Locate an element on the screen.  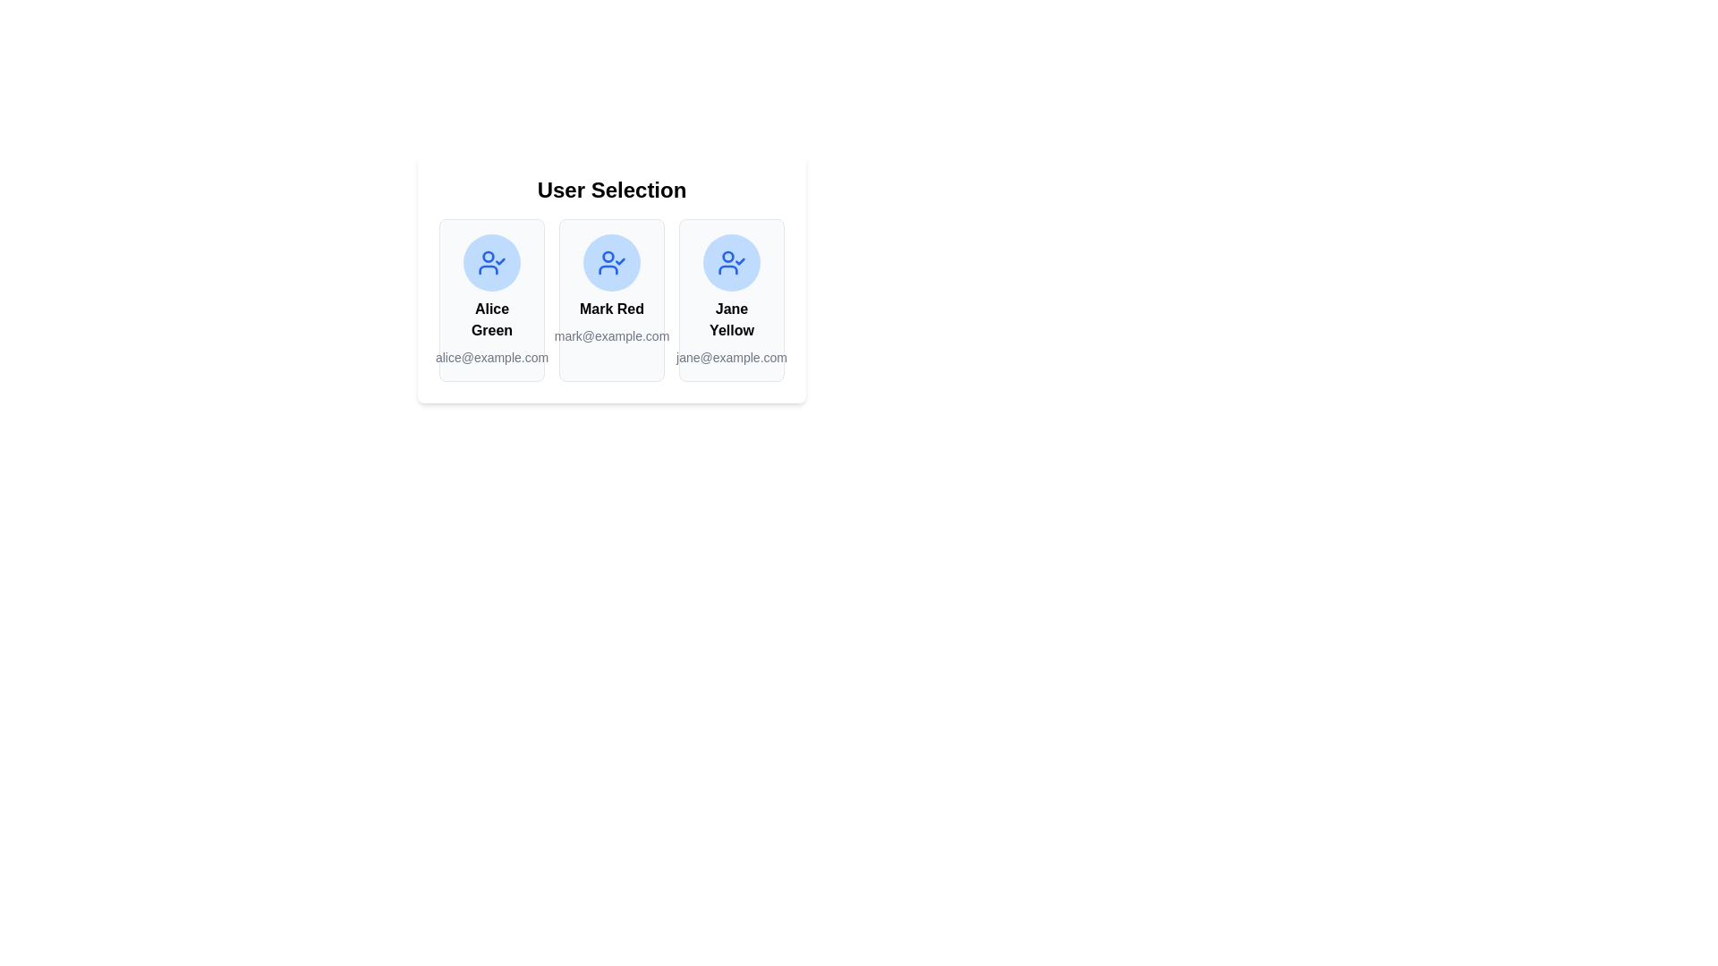
the static email address text label displaying 'Jane Yellow's' email, which is located at the bottom of the user profile card is located at coordinates (731, 358).